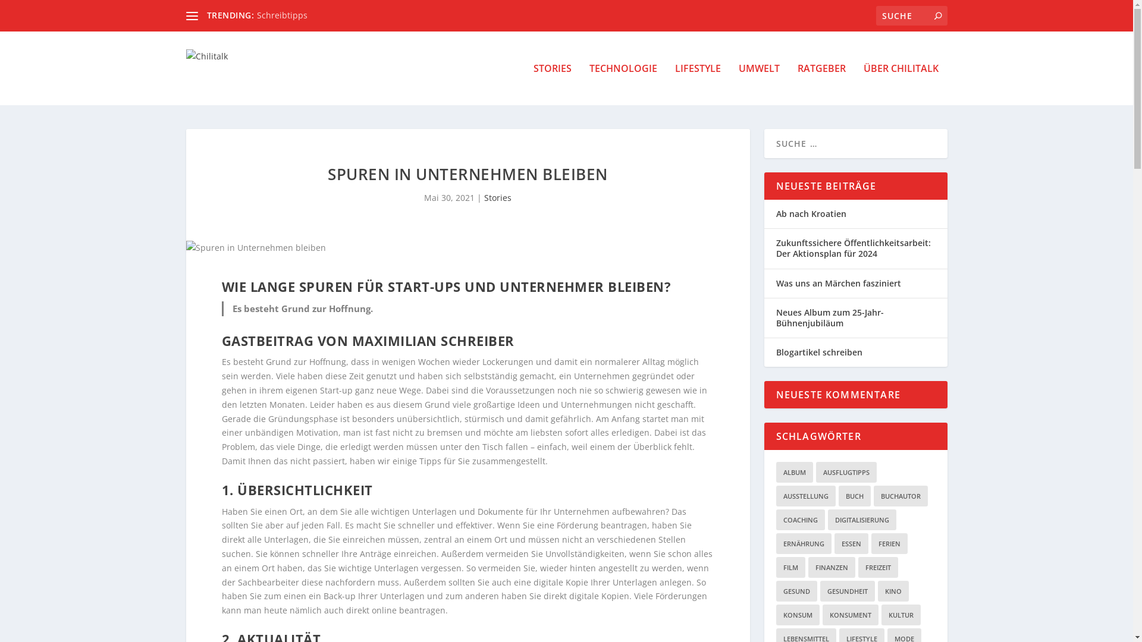  Describe the element at coordinates (0, 11) in the screenshot. I see `'Suche'` at that location.